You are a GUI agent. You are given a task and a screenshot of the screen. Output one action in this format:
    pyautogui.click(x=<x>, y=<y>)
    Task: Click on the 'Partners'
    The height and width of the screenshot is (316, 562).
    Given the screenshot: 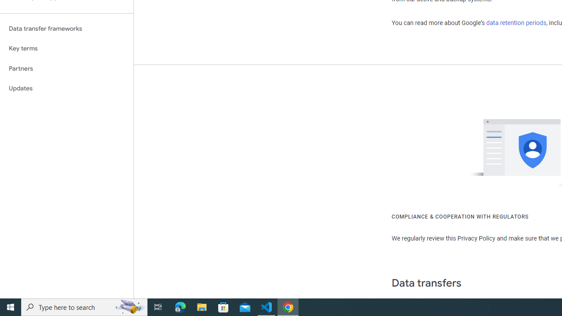 What is the action you would take?
    pyautogui.click(x=66, y=68)
    